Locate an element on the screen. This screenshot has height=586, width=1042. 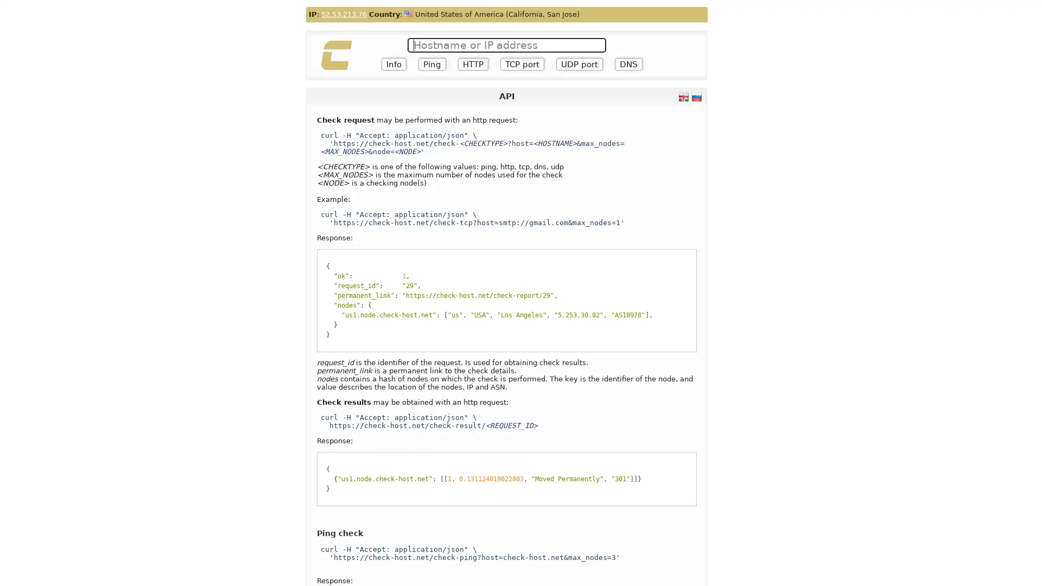
Ping is located at coordinates (431, 64).